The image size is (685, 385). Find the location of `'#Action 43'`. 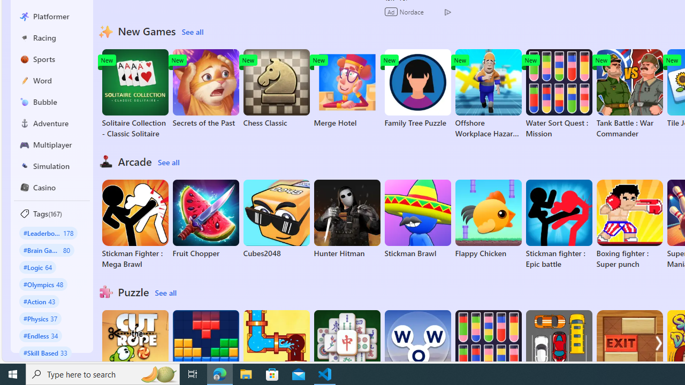

'#Action 43' is located at coordinates (40, 301).